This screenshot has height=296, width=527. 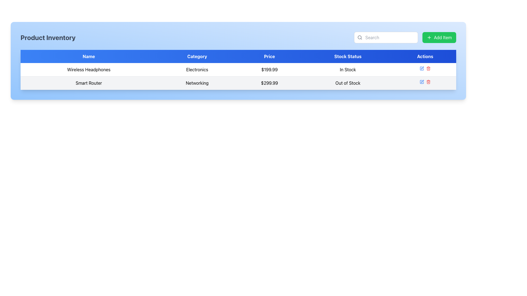 I want to click on the 'Add Item' button with a green background and white text located at the top-right corner of the interface, so click(x=439, y=37).